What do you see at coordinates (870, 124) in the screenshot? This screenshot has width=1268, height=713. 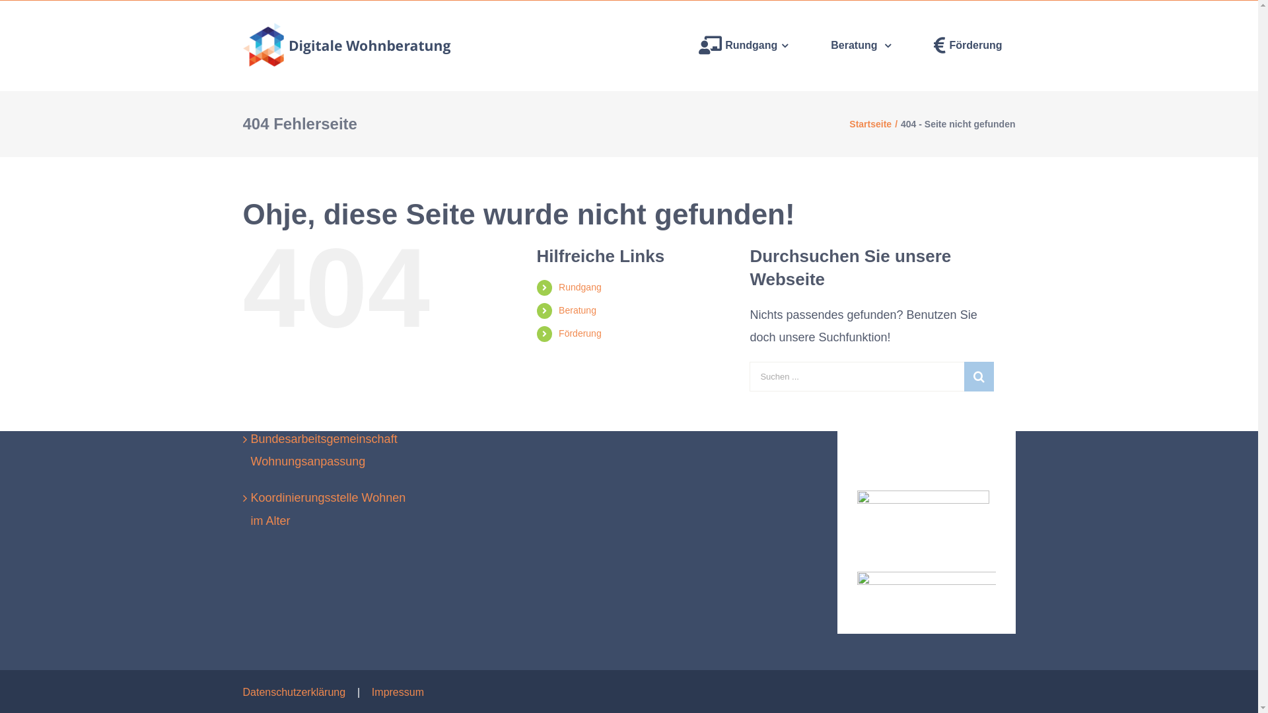 I see `'Startseite'` at bounding box center [870, 124].